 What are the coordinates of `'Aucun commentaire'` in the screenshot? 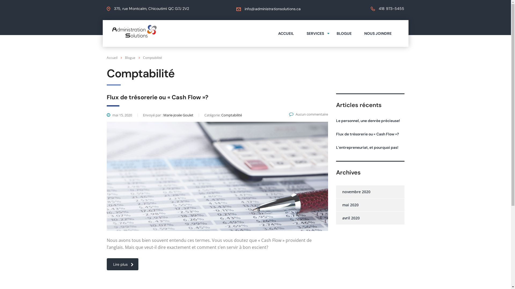 It's located at (308, 114).